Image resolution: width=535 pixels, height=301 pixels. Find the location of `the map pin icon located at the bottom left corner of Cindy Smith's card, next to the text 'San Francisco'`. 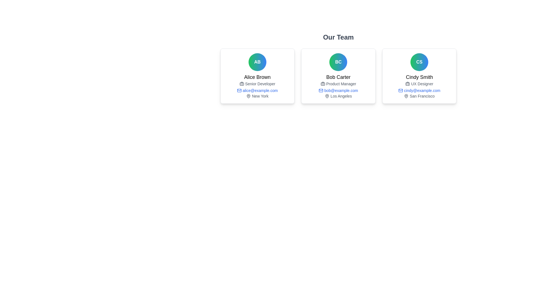

the map pin icon located at the bottom left corner of Cindy Smith's card, next to the text 'San Francisco' is located at coordinates (406, 96).